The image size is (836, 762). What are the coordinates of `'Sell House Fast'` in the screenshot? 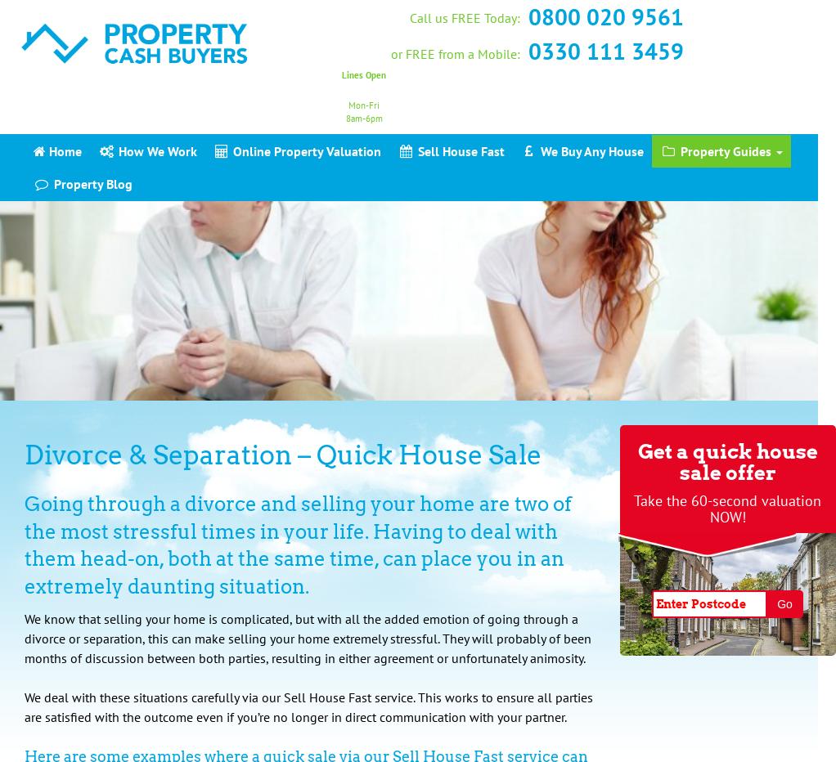 It's located at (413, 150).